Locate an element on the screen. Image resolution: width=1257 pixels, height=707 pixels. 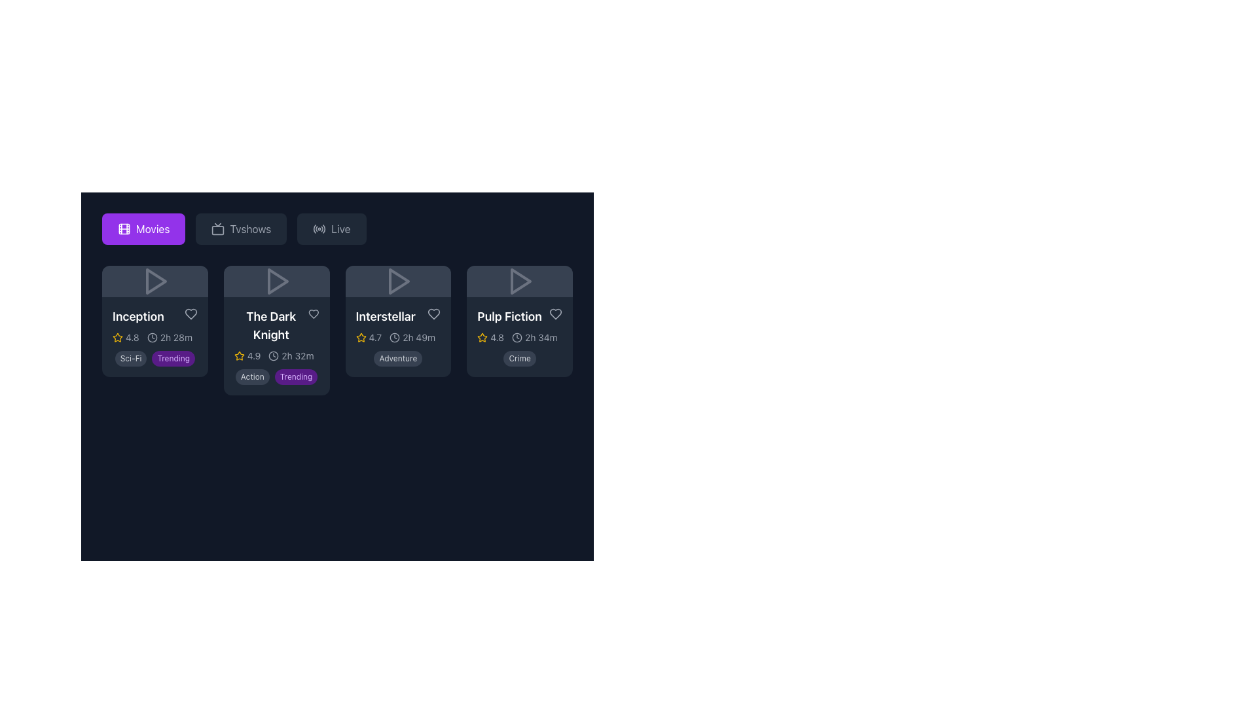
the play button icon located at the top of the 'Pulp Fiction' card is located at coordinates (519, 330).